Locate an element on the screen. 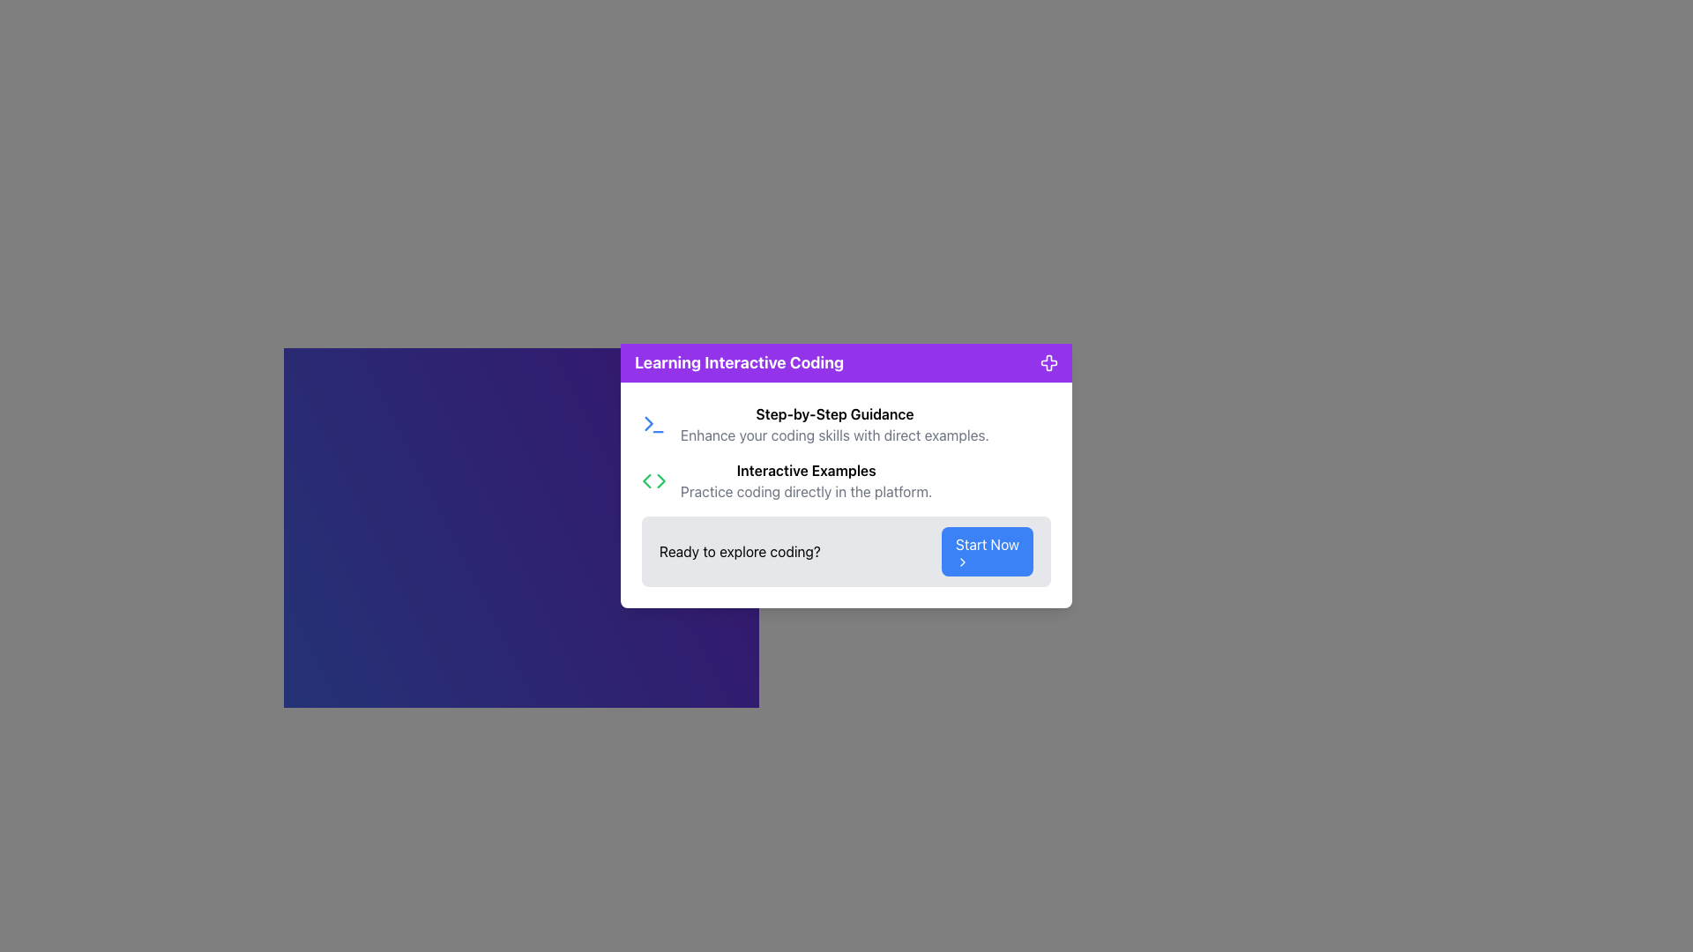  the green triangular brackets icon located in the 'Interactive Examples' section, to the left of the text 'Practice coding directly in the platform.' is located at coordinates (653, 481).